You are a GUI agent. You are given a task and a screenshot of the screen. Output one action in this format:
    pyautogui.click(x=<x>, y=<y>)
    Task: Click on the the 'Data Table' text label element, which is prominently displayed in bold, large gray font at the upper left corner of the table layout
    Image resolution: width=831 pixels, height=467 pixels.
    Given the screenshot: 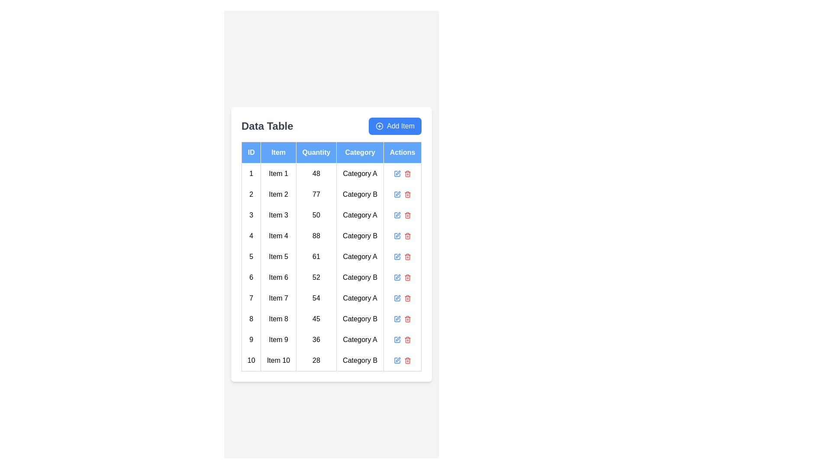 What is the action you would take?
    pyautogui.click(x=267, y=126)
    